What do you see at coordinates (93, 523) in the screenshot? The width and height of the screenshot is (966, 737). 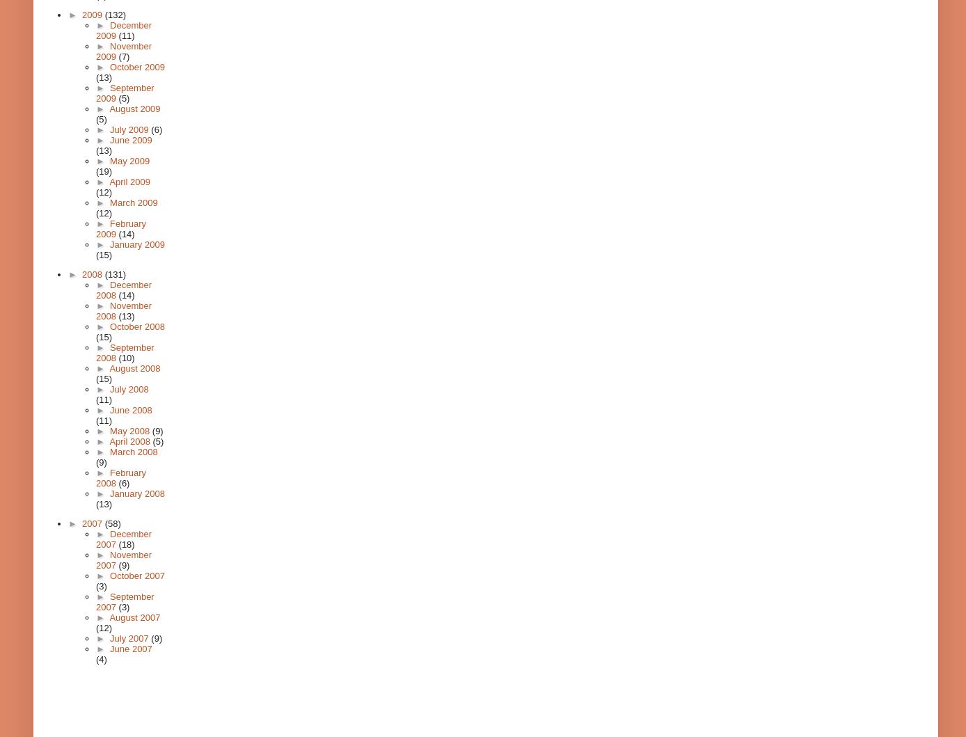 I see `'2007'` at bounding box center [93, 523].